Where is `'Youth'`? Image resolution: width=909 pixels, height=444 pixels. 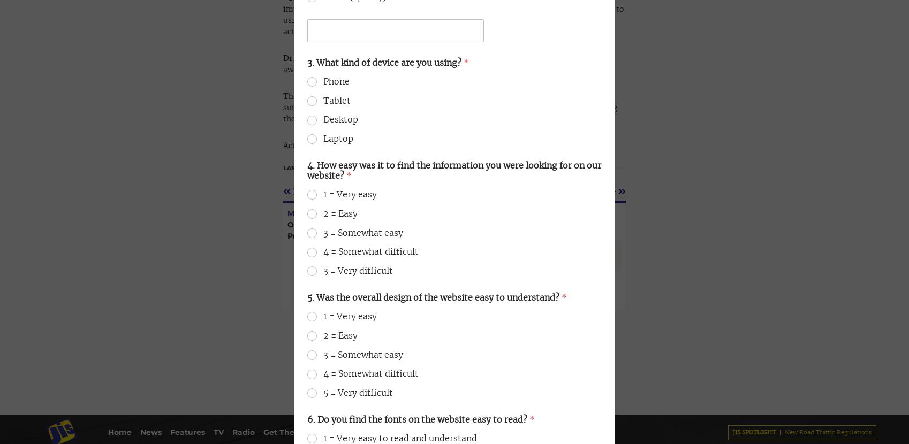
'Youth' is located at coordinates (32, 109).